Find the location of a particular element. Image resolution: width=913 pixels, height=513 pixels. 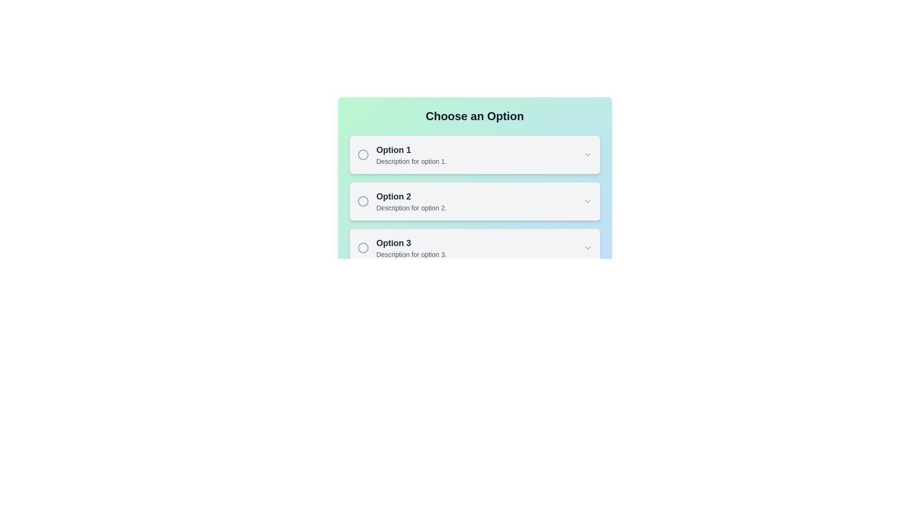

the 'Option 1' text label is located at coordinates (411, 154).